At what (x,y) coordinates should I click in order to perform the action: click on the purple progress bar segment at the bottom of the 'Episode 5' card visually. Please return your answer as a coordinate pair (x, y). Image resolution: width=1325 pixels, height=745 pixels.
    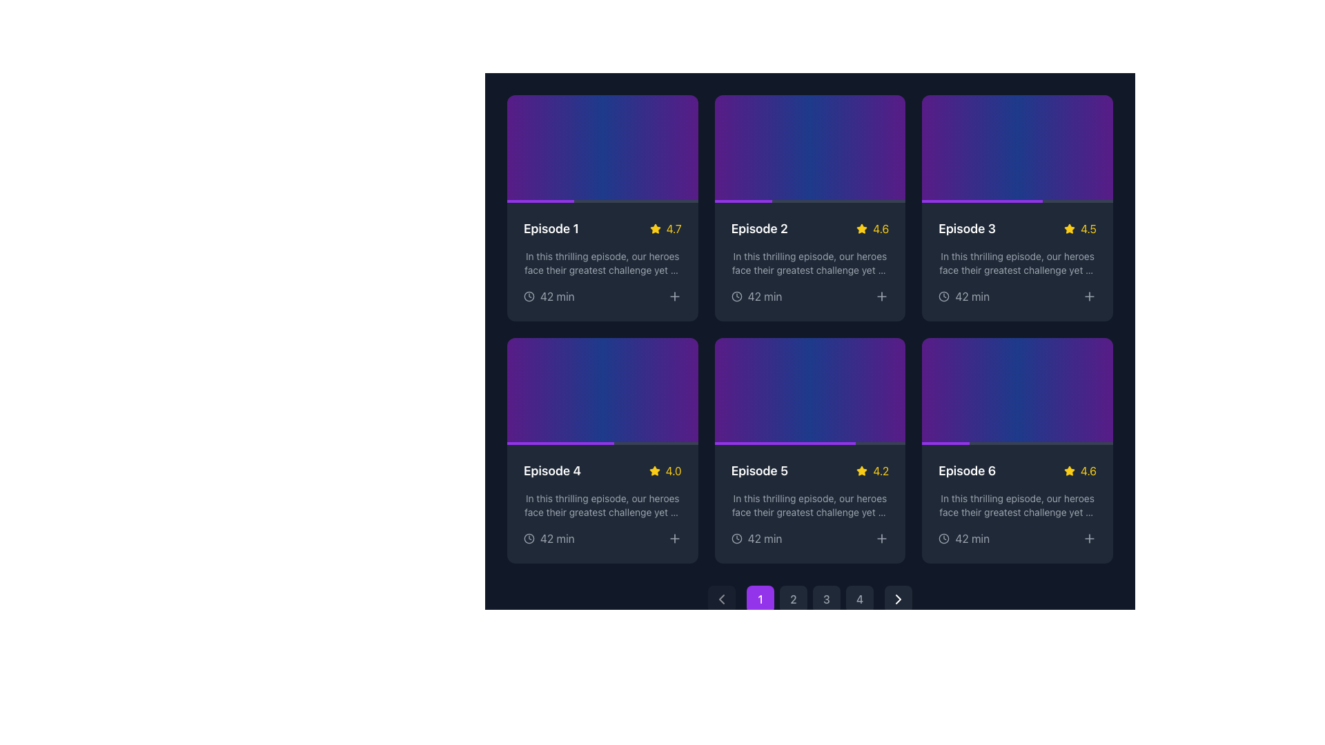
    Looking at the image, I should click on (785, 444).